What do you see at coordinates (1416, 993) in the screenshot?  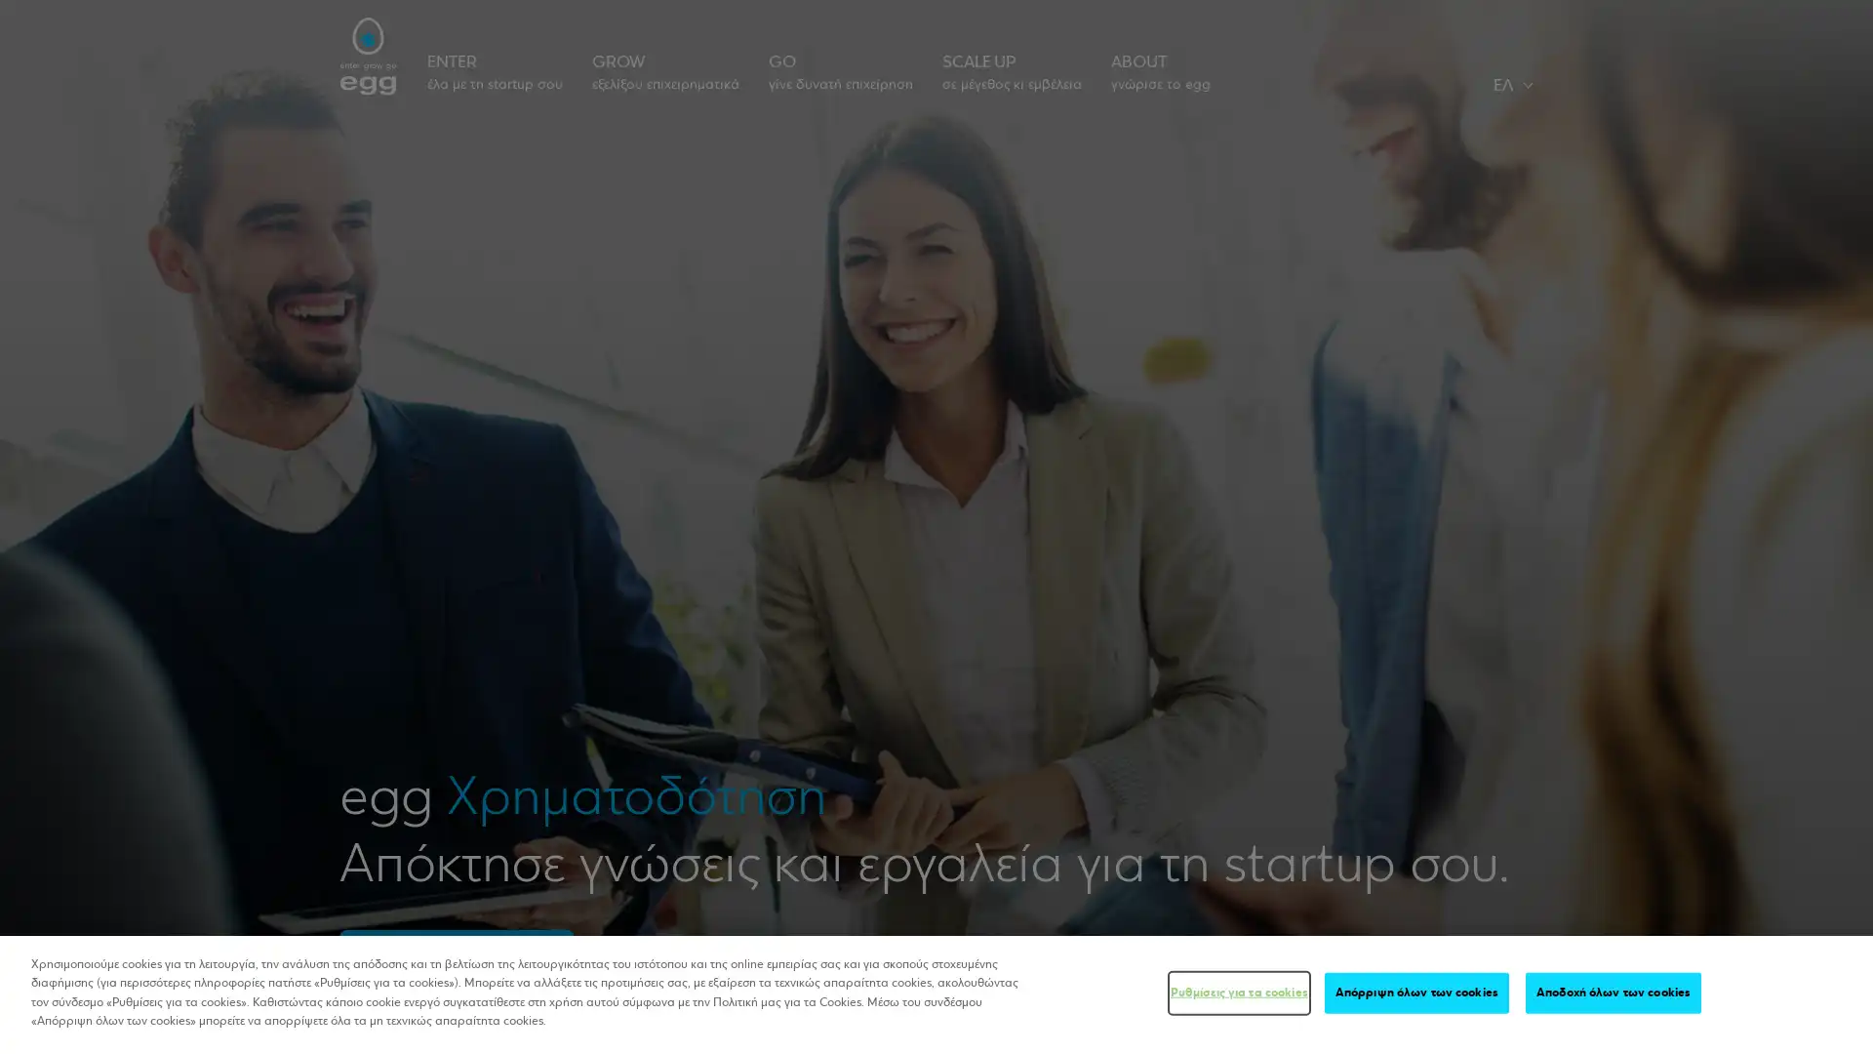 I see `cookies` at bounding box center [1416, 993].